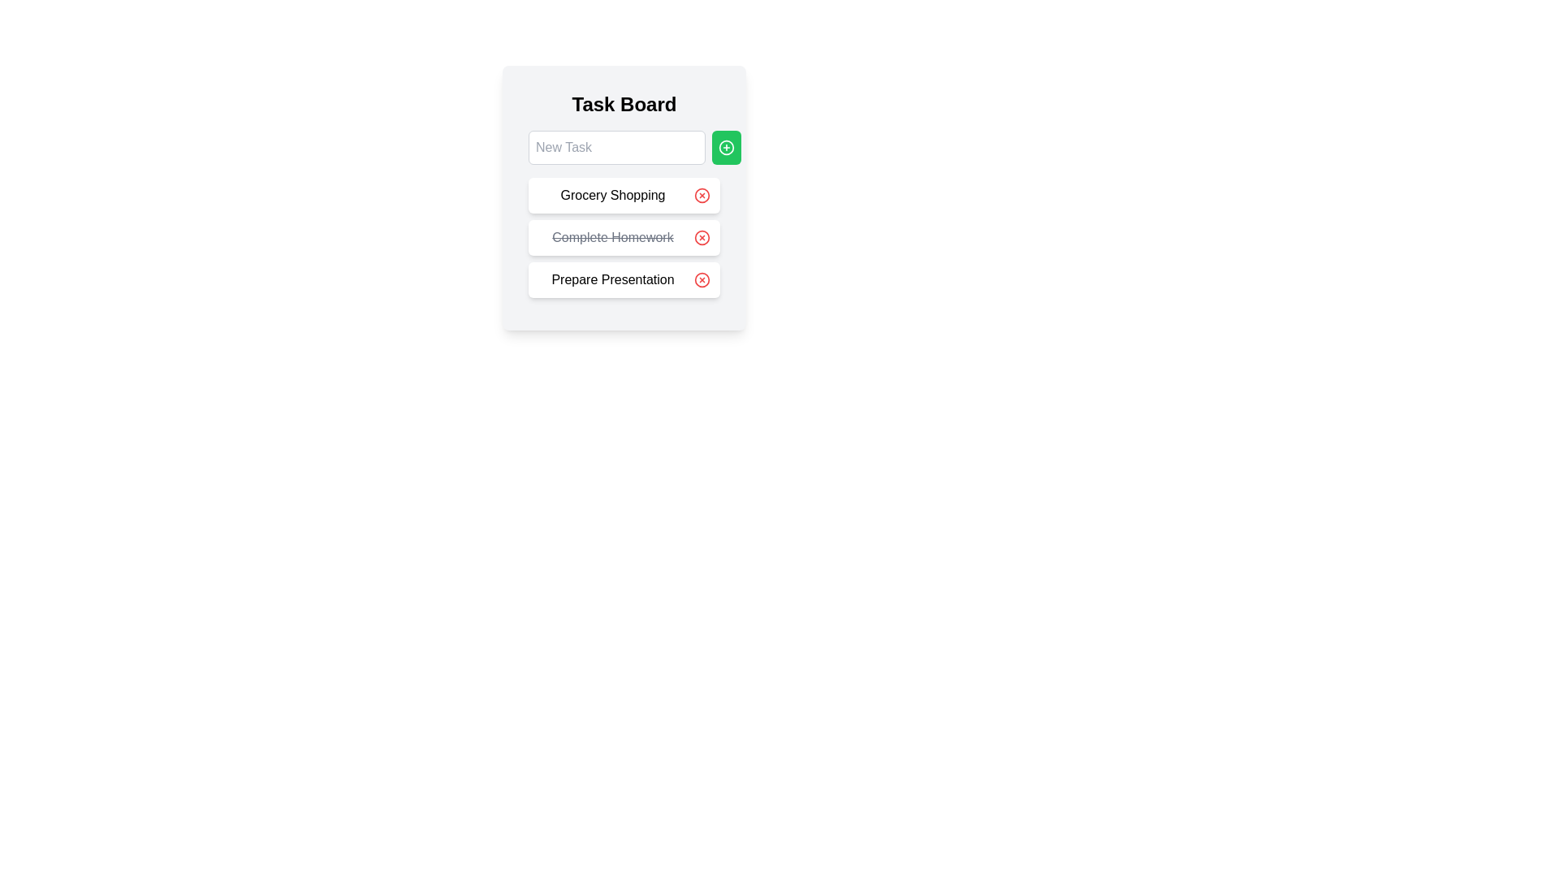 The width and height of the screenshot is (1559, 877). Describe the element at coordinates (623, 238) in the screenshot. I see `the completed task 'Complete Homework' in the task list to prepare for future tasks` at that location.